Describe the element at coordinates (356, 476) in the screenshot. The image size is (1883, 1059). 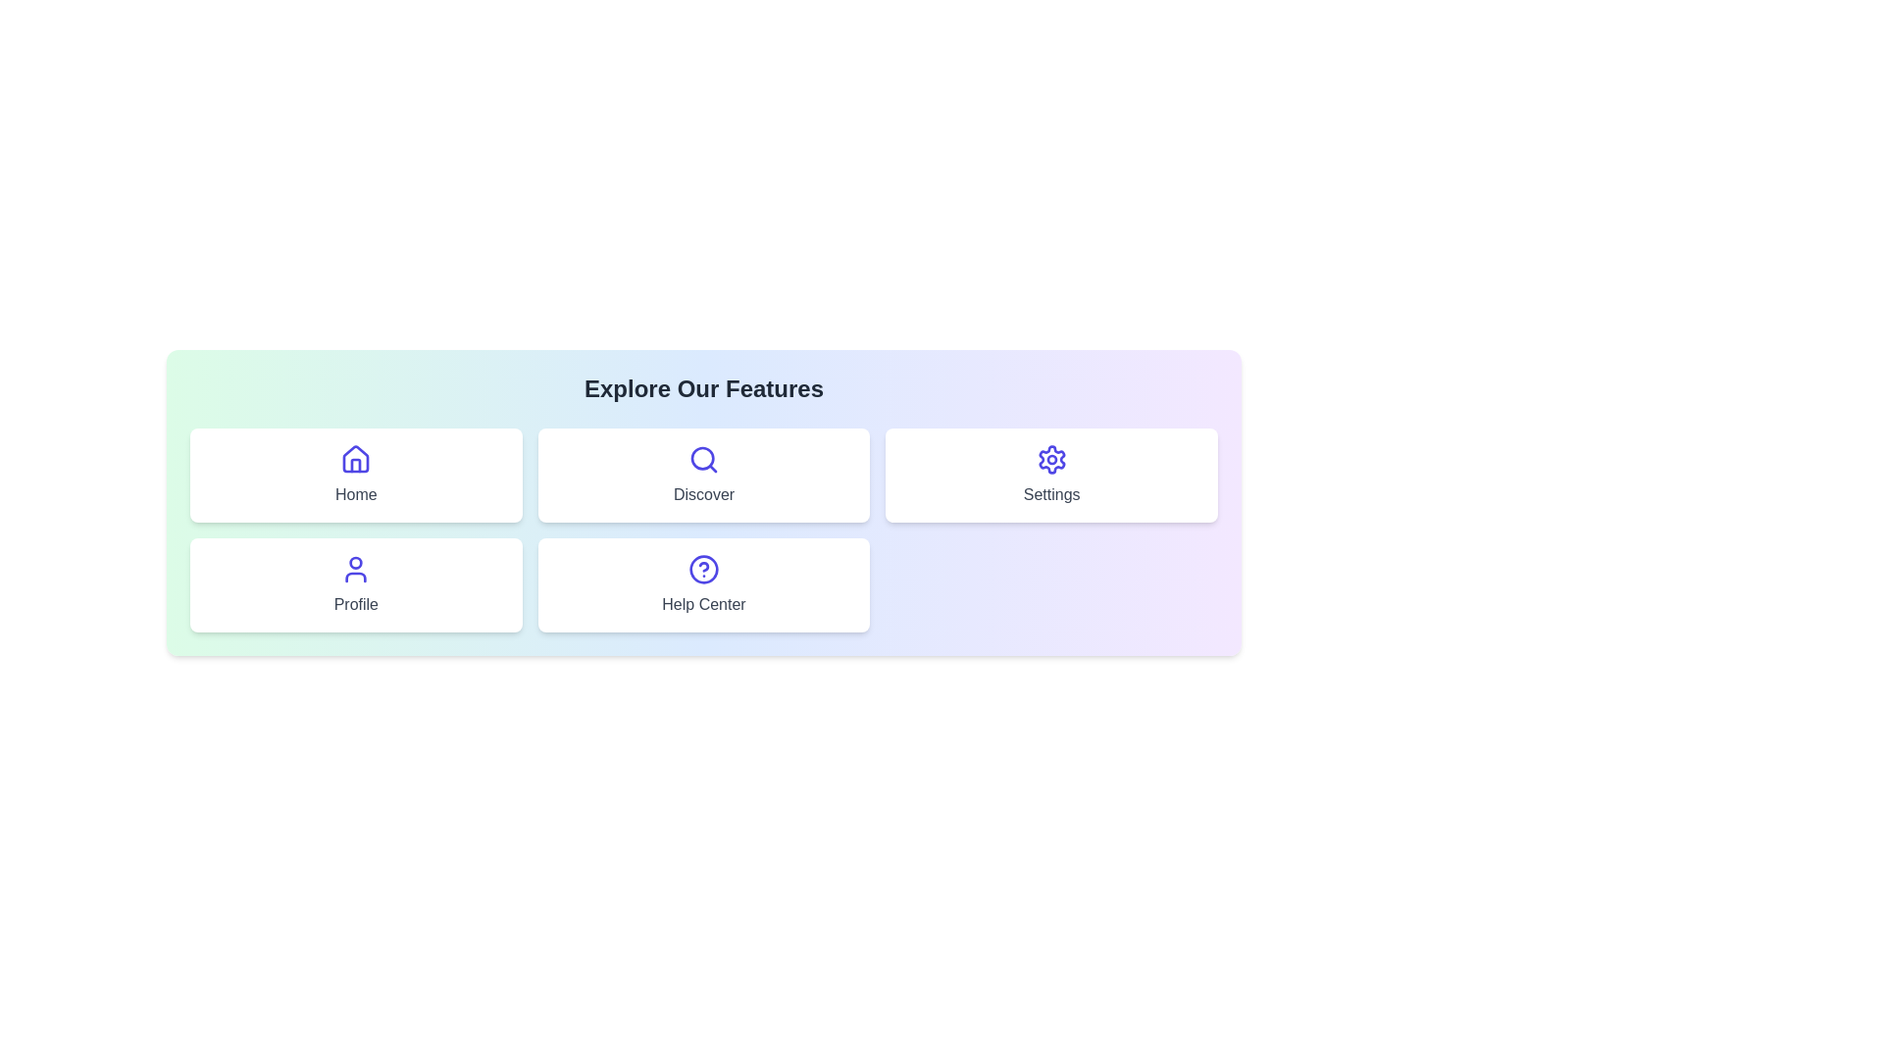
I see `the 'Home' navigation button located at the top-left corner of the grid layout` at that location.